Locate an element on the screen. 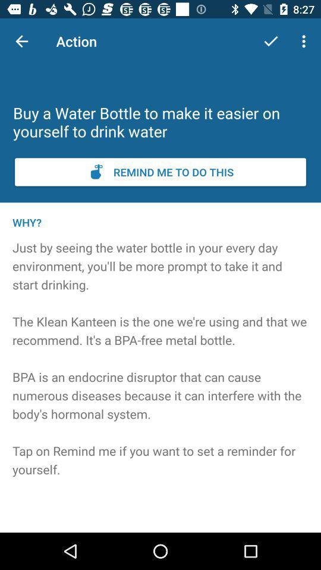  set reminder is located at coordinates (160, 171).